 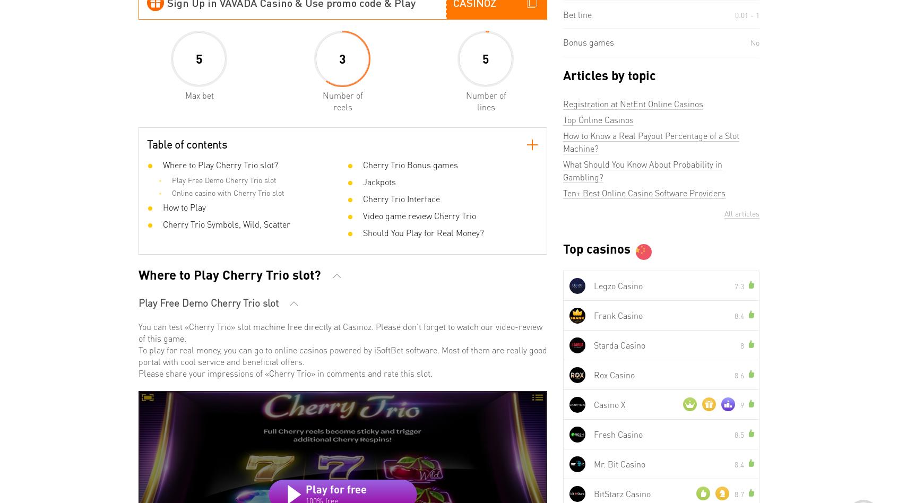 What do you see at coordinates (422, 231) in the screenshot?
I see `'Should You Play for Real Money?'` at bounding box center [422, 231].